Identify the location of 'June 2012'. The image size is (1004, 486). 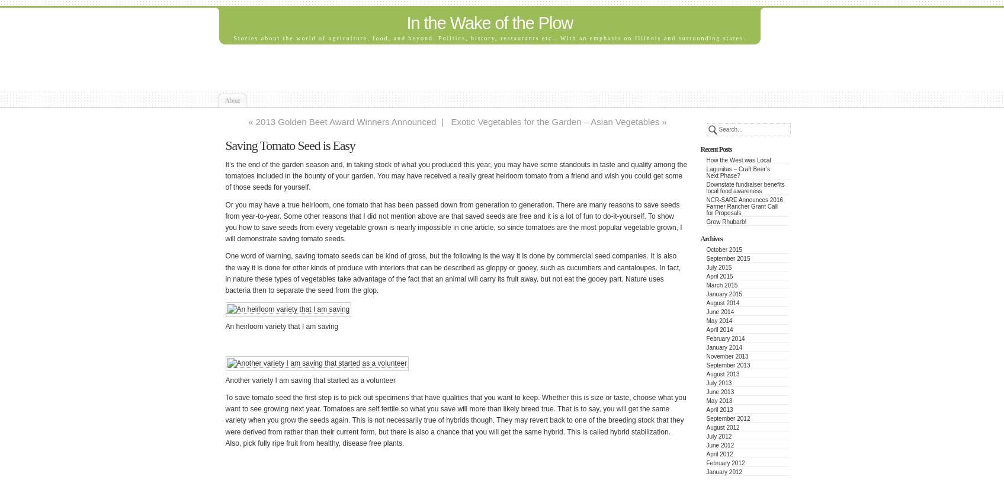
(720, 445).